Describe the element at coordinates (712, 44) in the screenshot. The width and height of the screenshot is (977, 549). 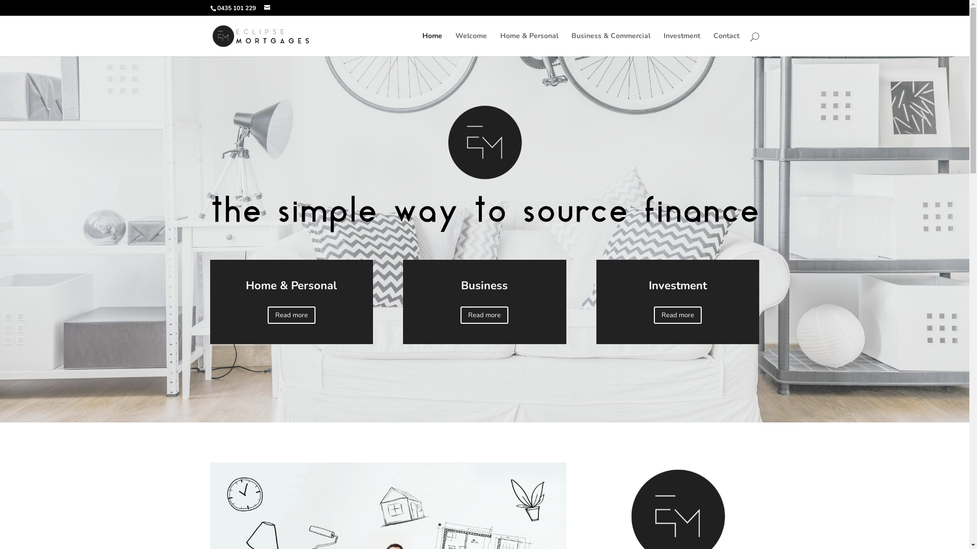
I see `'Contact'` at that location.